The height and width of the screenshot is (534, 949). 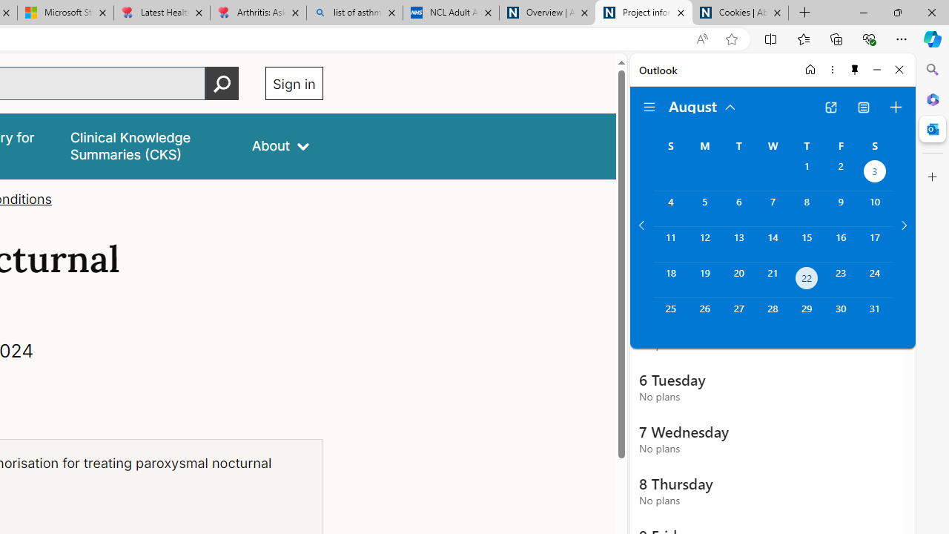 I want to click on 'Wednesday, August 14, 2024. ', so click(x=772, y=243).